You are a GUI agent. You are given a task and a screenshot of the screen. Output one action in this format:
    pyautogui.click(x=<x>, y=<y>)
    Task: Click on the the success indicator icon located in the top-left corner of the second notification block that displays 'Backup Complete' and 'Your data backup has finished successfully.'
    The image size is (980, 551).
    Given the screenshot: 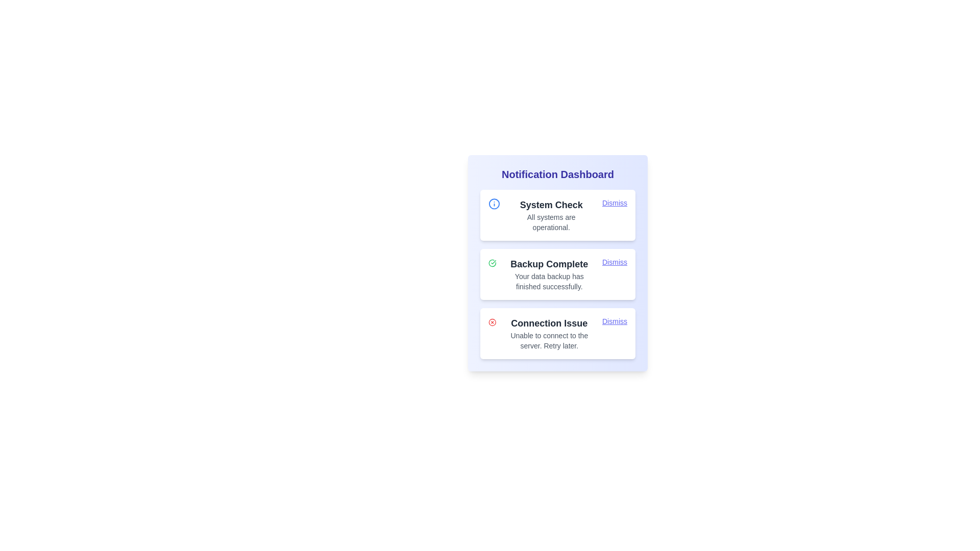 What is the action you would take?
    pyautogui.click(x=492, y=263)
    